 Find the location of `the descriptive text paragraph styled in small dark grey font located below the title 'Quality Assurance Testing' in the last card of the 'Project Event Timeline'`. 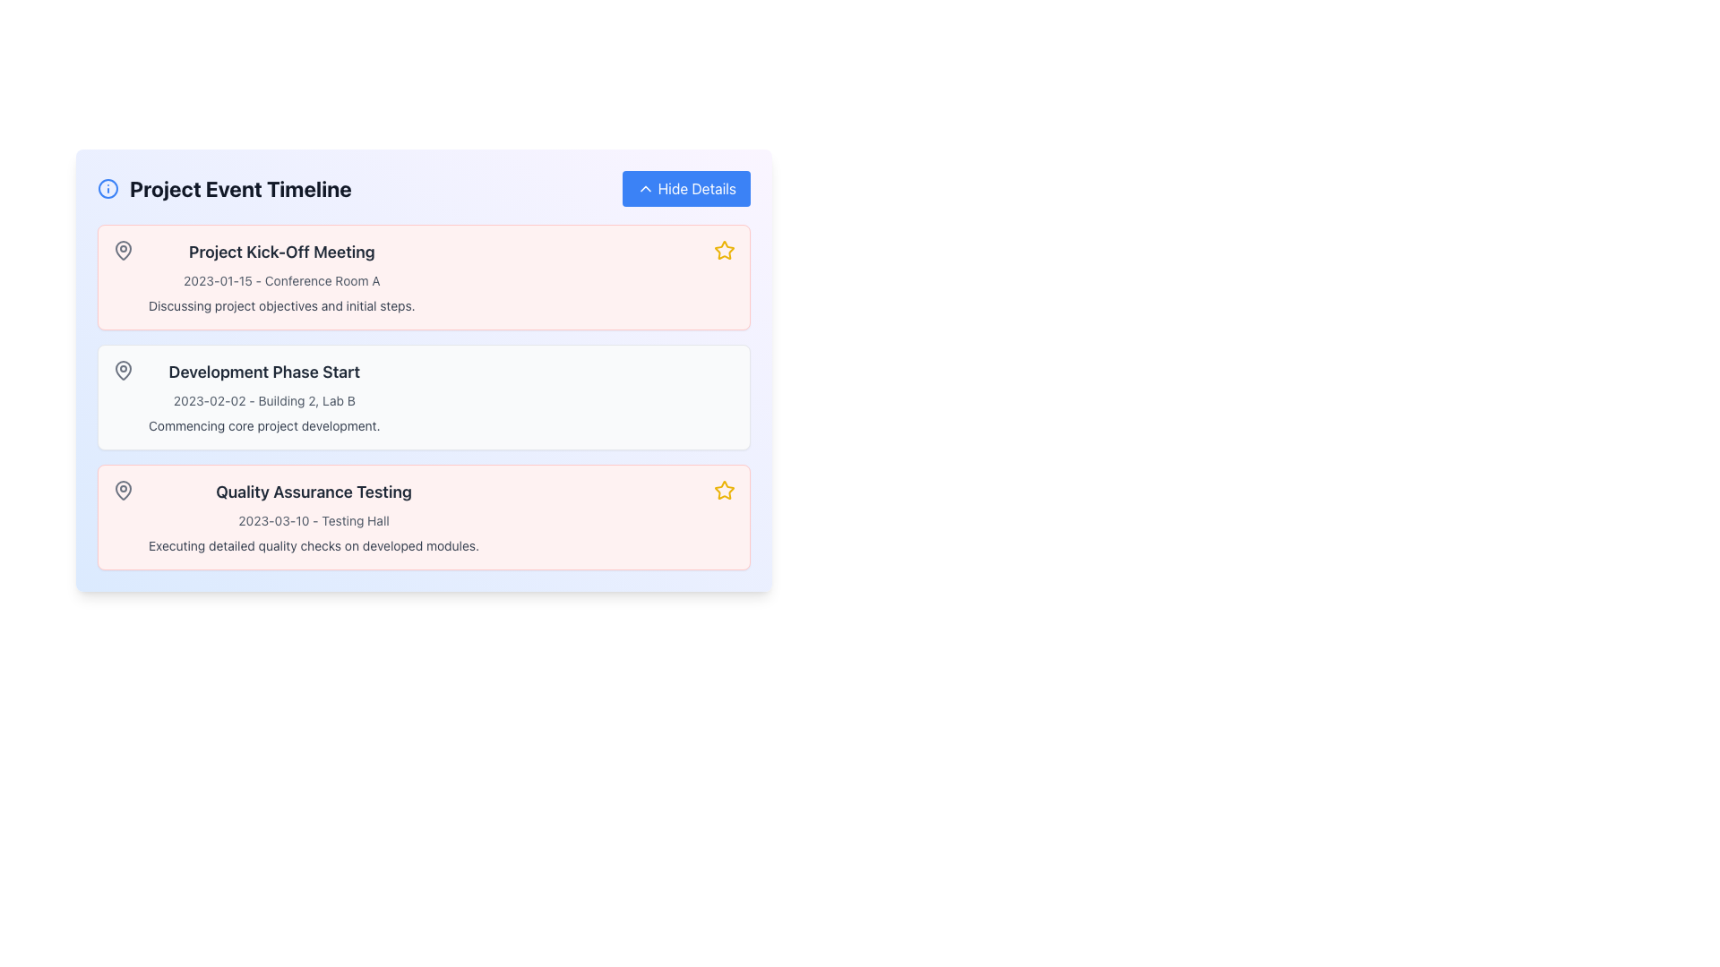

the descriptive text paragraph styled in small dark grey font located below the title 'Quality Assurance Testing' in the last card of the 'Project Event Timeline' is located at coordinates (314, 544).